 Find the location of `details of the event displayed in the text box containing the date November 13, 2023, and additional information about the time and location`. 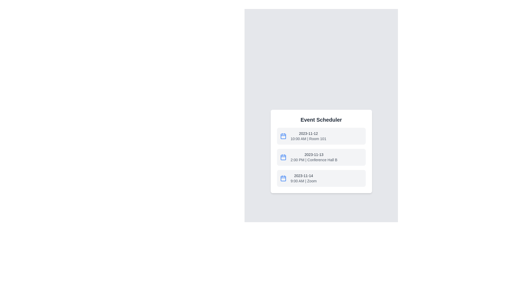

details of the event displayed in the text box containing the date November 13, 2023, and additional information about the time and location is located at coordinates (321, 151).